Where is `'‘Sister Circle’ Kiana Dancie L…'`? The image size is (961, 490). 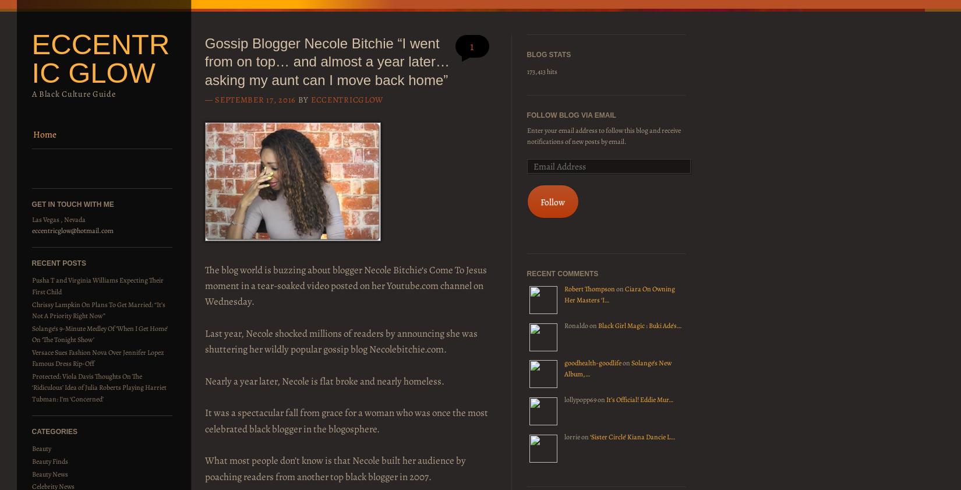 '‘Sister Circle’ Kiana Dancie L…' is located at coordinates (633, 437).